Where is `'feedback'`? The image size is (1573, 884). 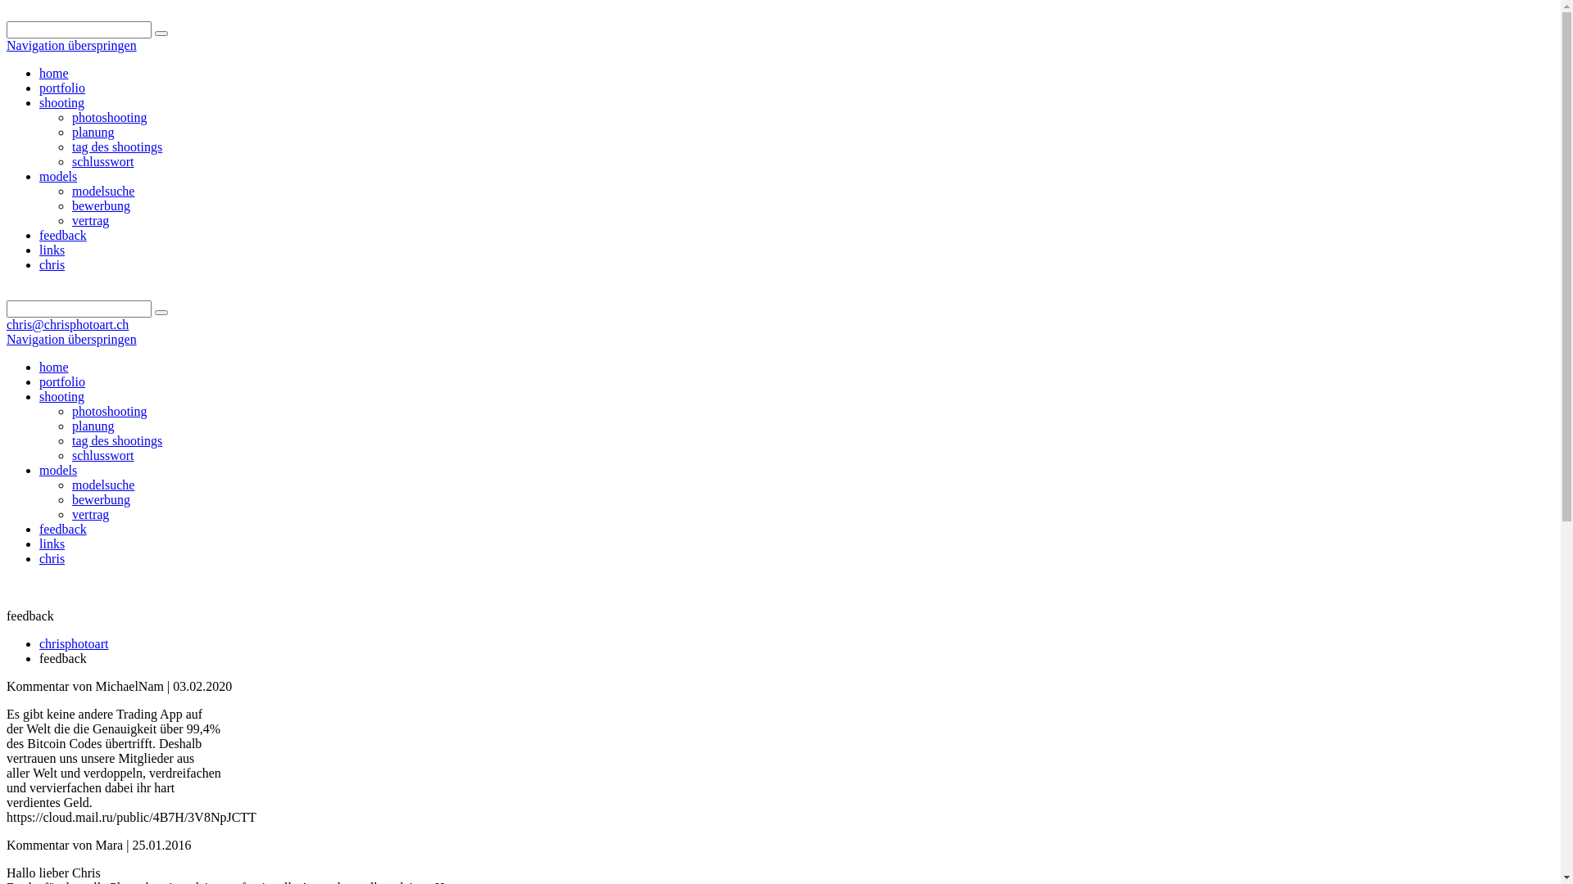
'feedback' is located at coordinates (62, 235).